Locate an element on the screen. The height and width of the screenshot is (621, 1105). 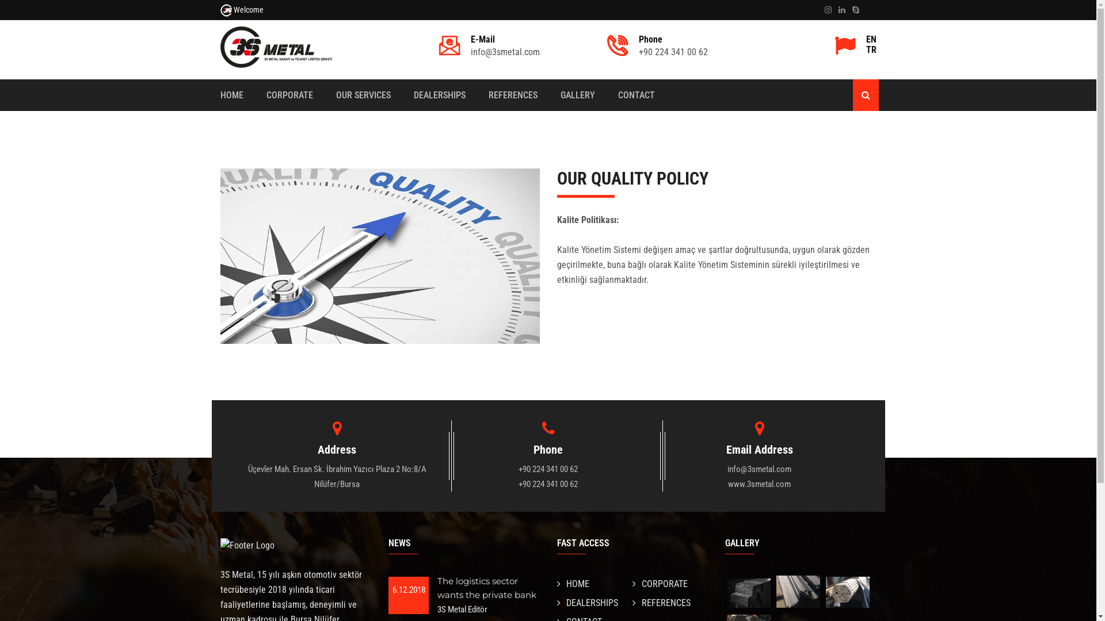
'TR' is located at coordinates (865, 49).